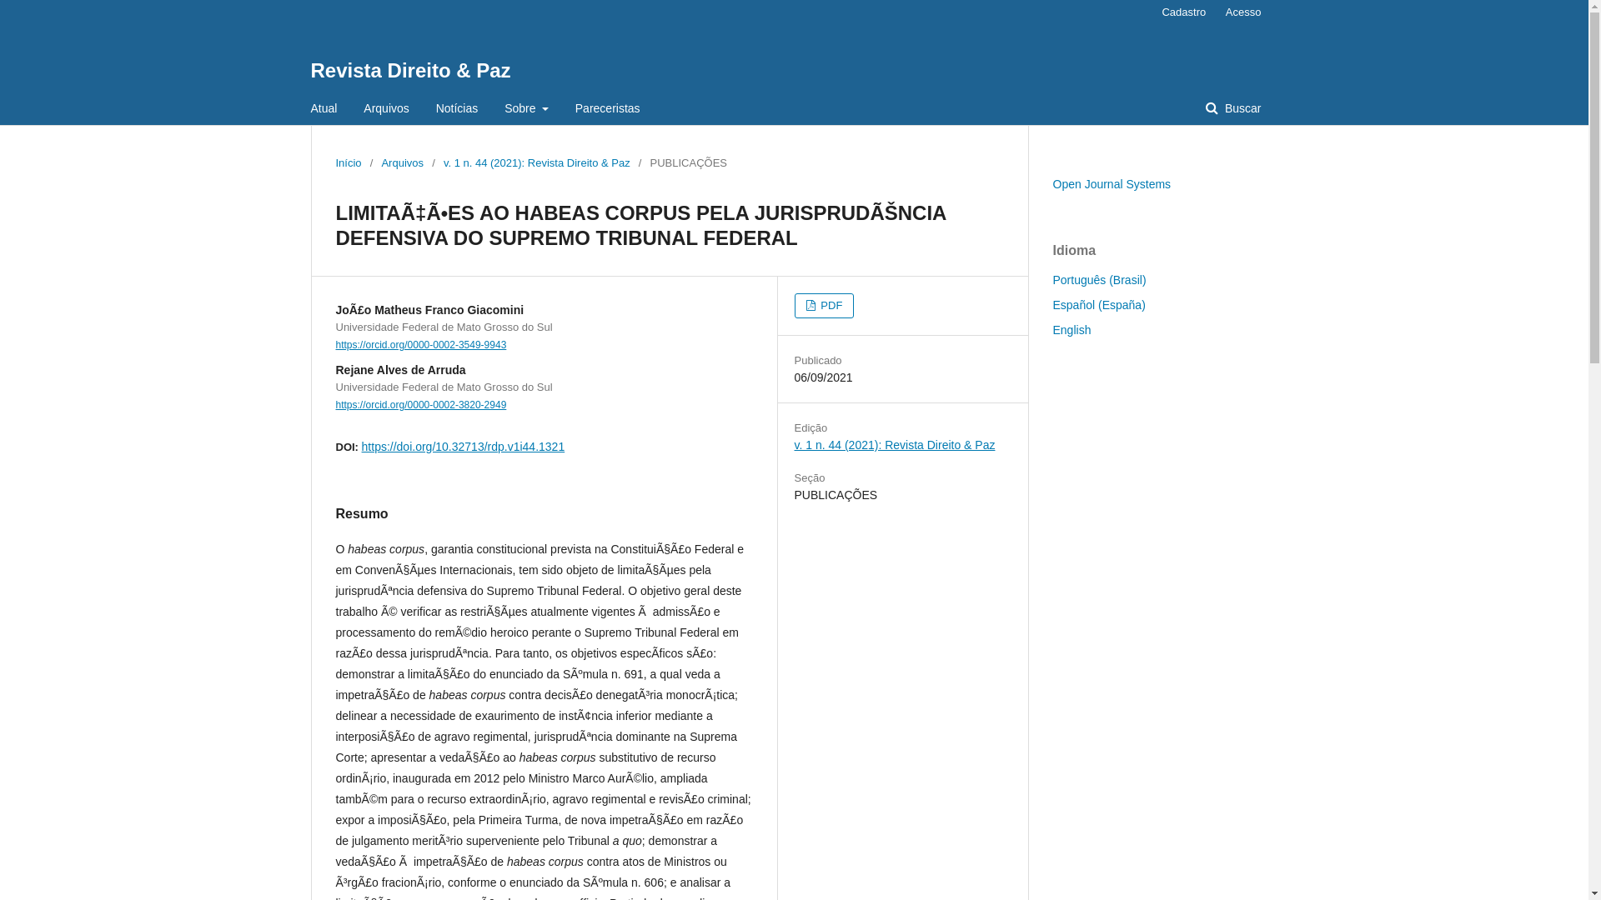 This screenshot has width=1601, height=900. I want to click on 'Pareceristas', so click(607, 108).